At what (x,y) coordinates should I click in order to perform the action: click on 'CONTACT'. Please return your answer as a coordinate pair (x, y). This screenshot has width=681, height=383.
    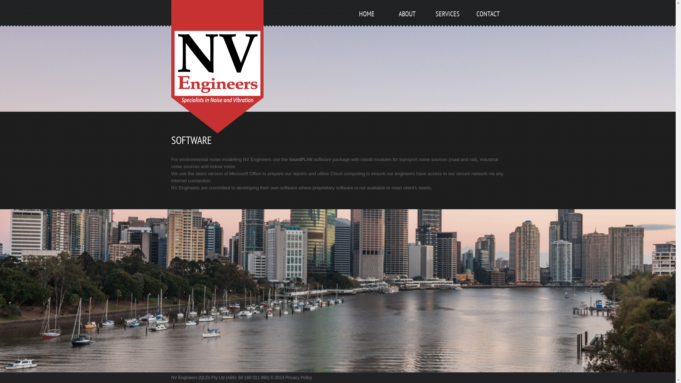
    Looking at the image, I should click on (487, 22).